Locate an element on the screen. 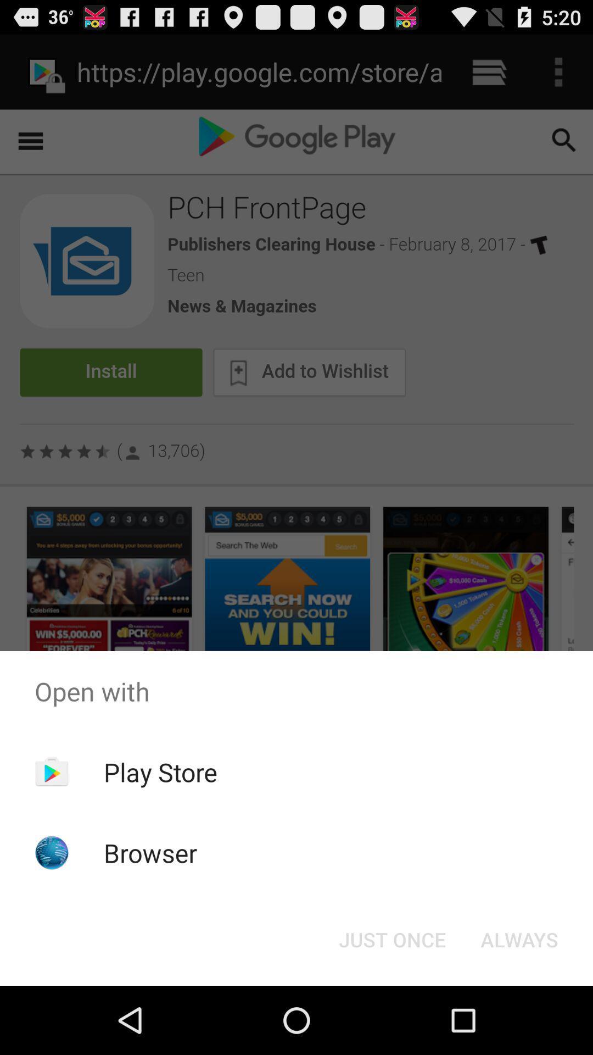 The image size is (593, 1055). the just once is located at coordinates (391, 939).